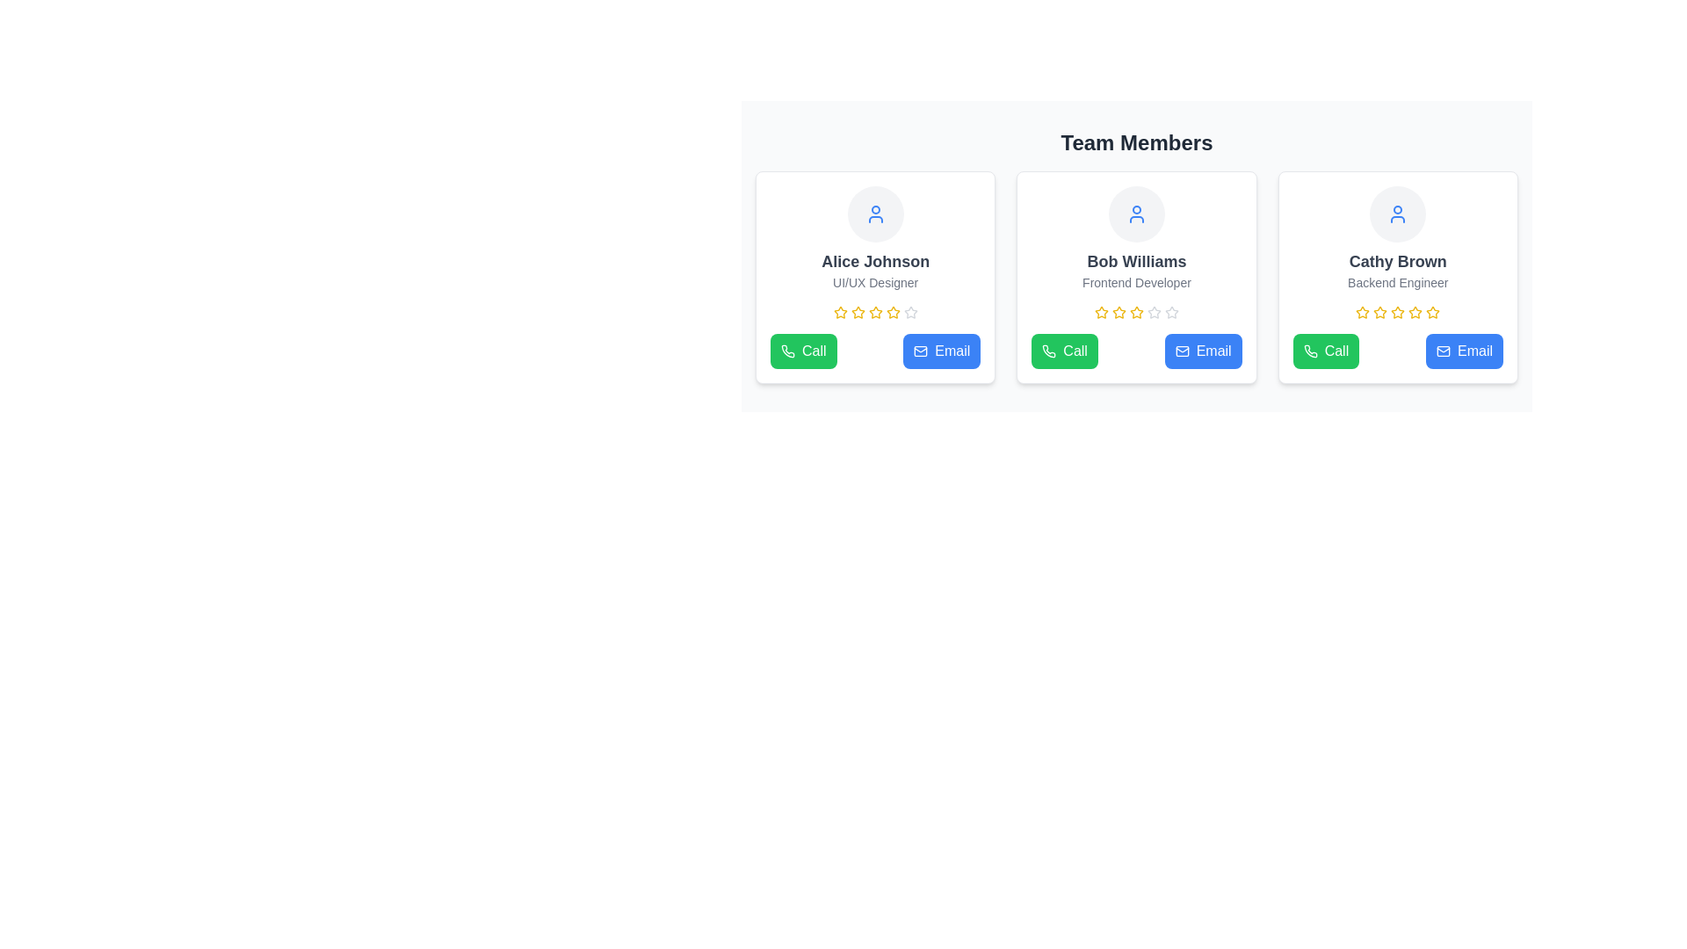  What do you see at coordinates (1136, 213) in the screenshot?
I see `the blue-colored user profile icon representing 'Bob Williams', which is situated above his name within a circular light gray background in the middle card of a three-card layout` at bounding box center [1136, 213].